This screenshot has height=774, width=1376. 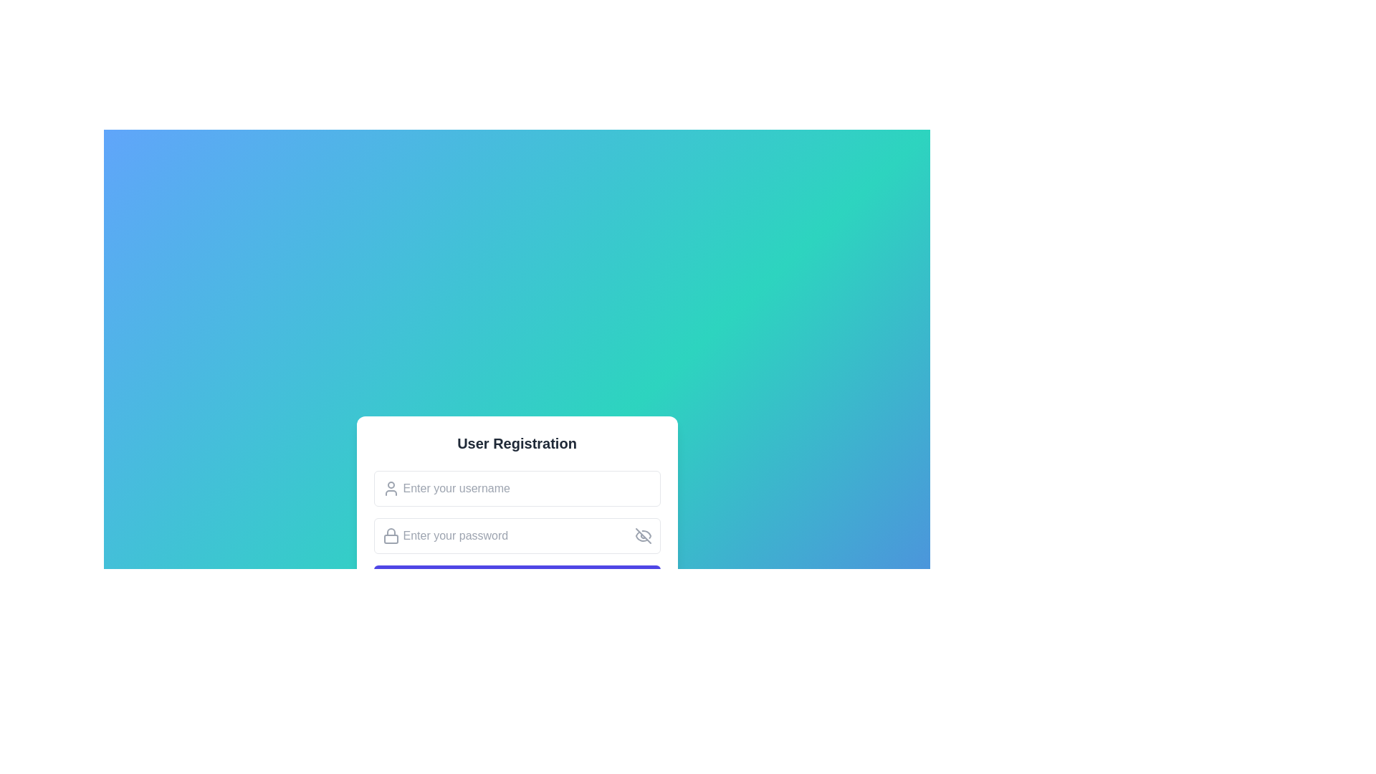 I want to click on the decorative password icon located on the left side of the password input field in the 'User Registration' form, so click(x=391, y=536).